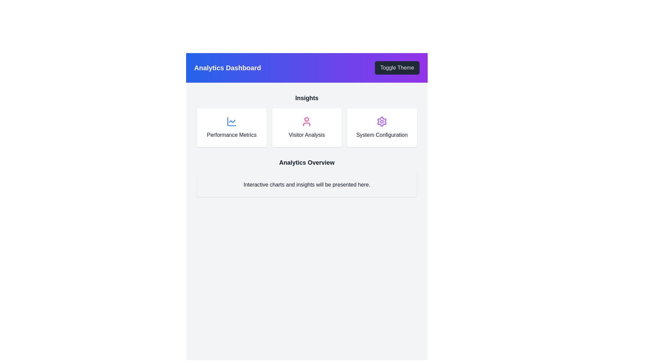 This screenshot has height=363, width=645. What do you see at coordinates (397, 68) in the screenshot?
I see `the theme toggle button located in the header section, aligned to the right of the 'Analytics Dashboard' text, to observe any hover effects` at bounding box center [397, 68].